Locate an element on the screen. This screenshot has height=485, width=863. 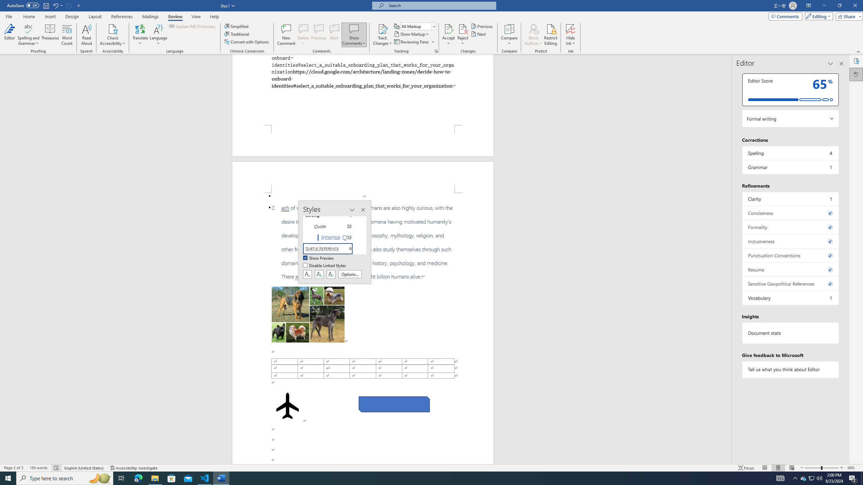
'Show Preview' is located at coordinates (319, 258).